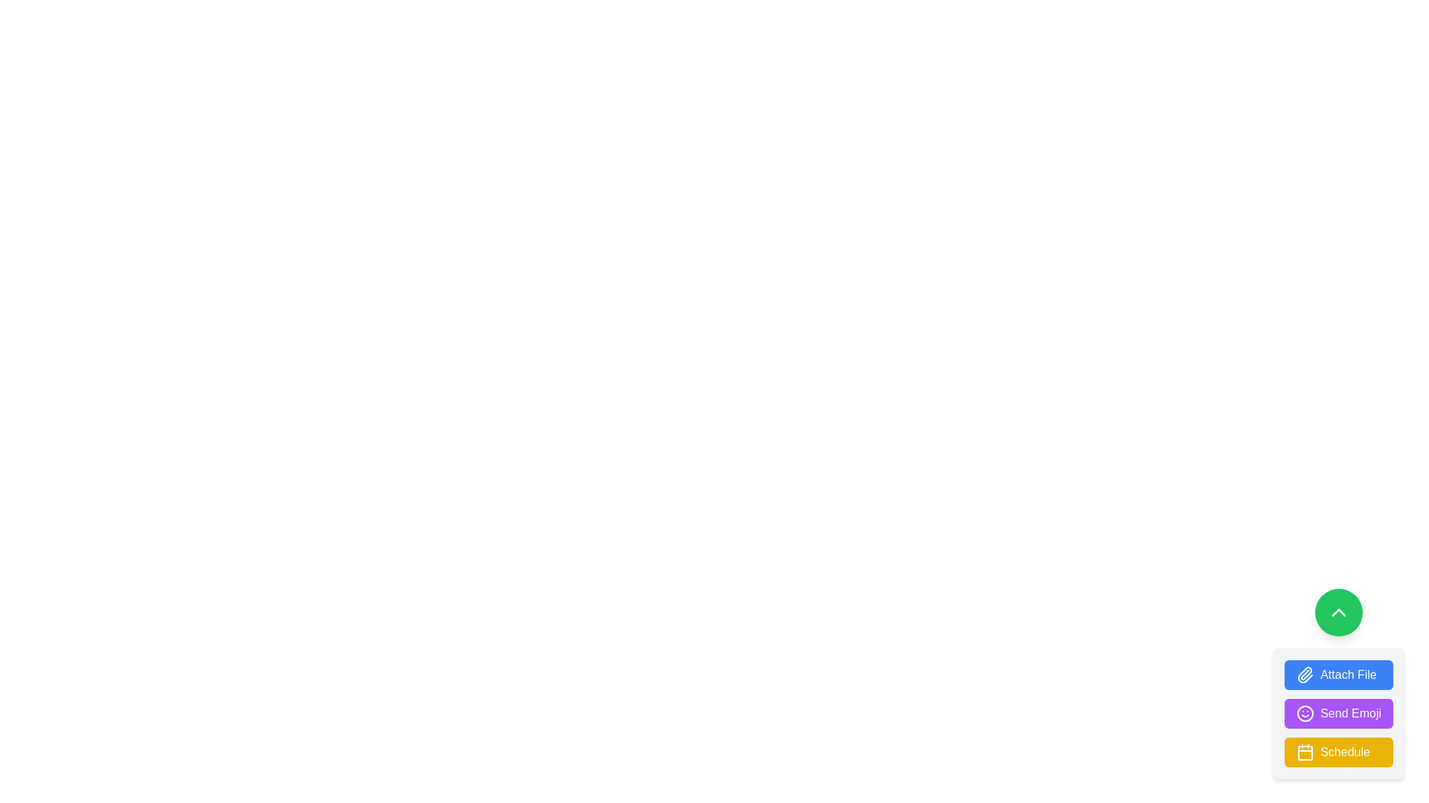 Image resolution: width=1429 pixels, height=803 pixels. Describe the element at coordinates (1339, 684) in the screenshot. I see `the file attachment button located at the bottom right corner of the interface` at that location.